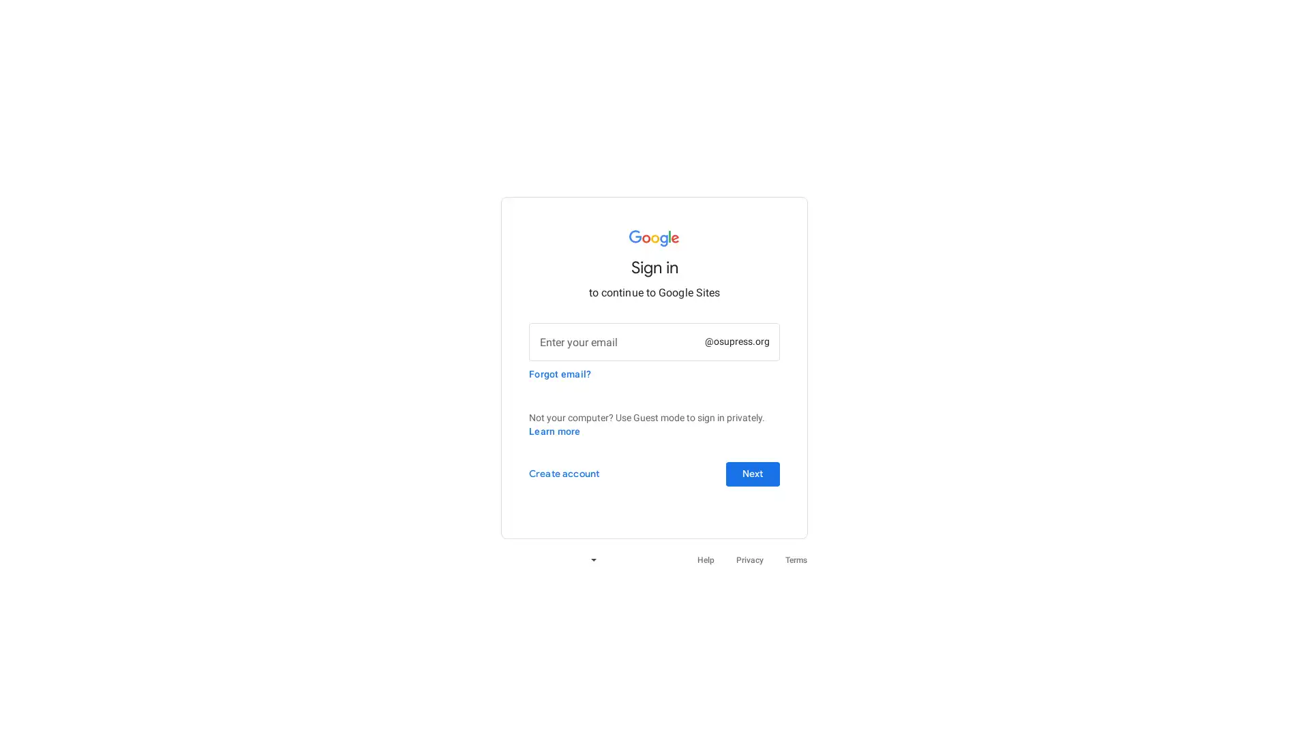 This screenshot has height=736, width=1309. Describe the element at coordinates (560, 373) in the screenshot. I see `Forgot email?` at that location.